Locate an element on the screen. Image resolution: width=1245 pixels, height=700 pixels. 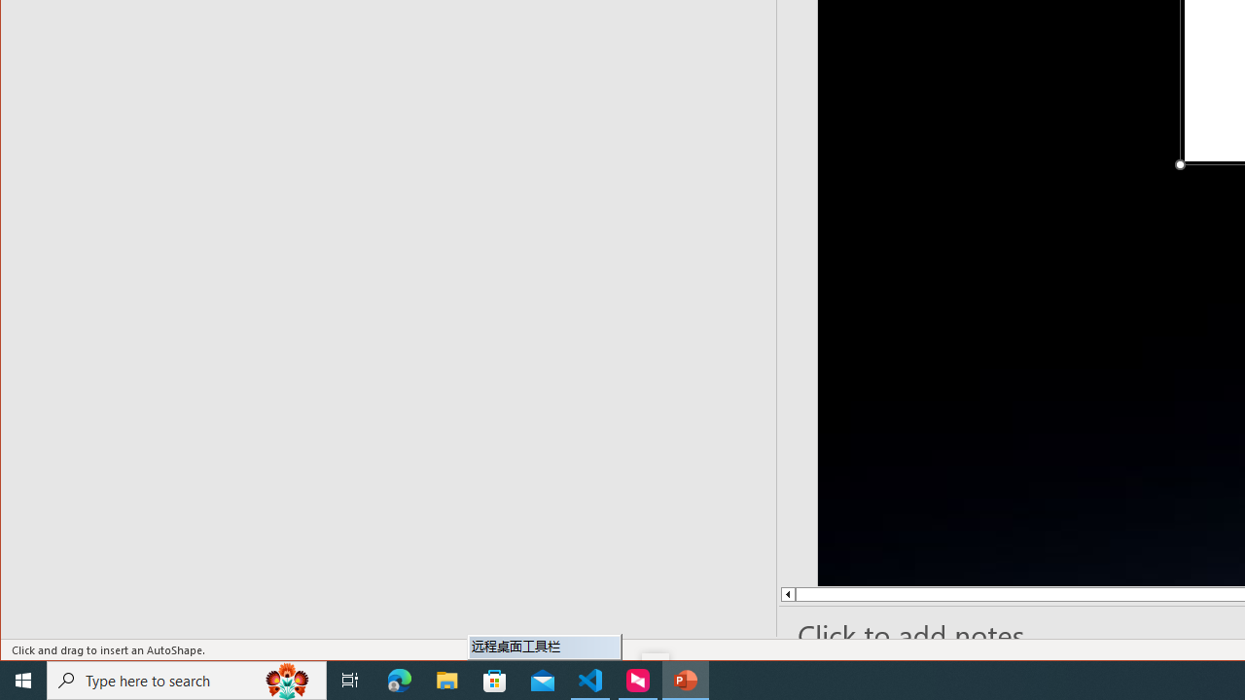
'File Explorer' is located at coordinates (446, 679).